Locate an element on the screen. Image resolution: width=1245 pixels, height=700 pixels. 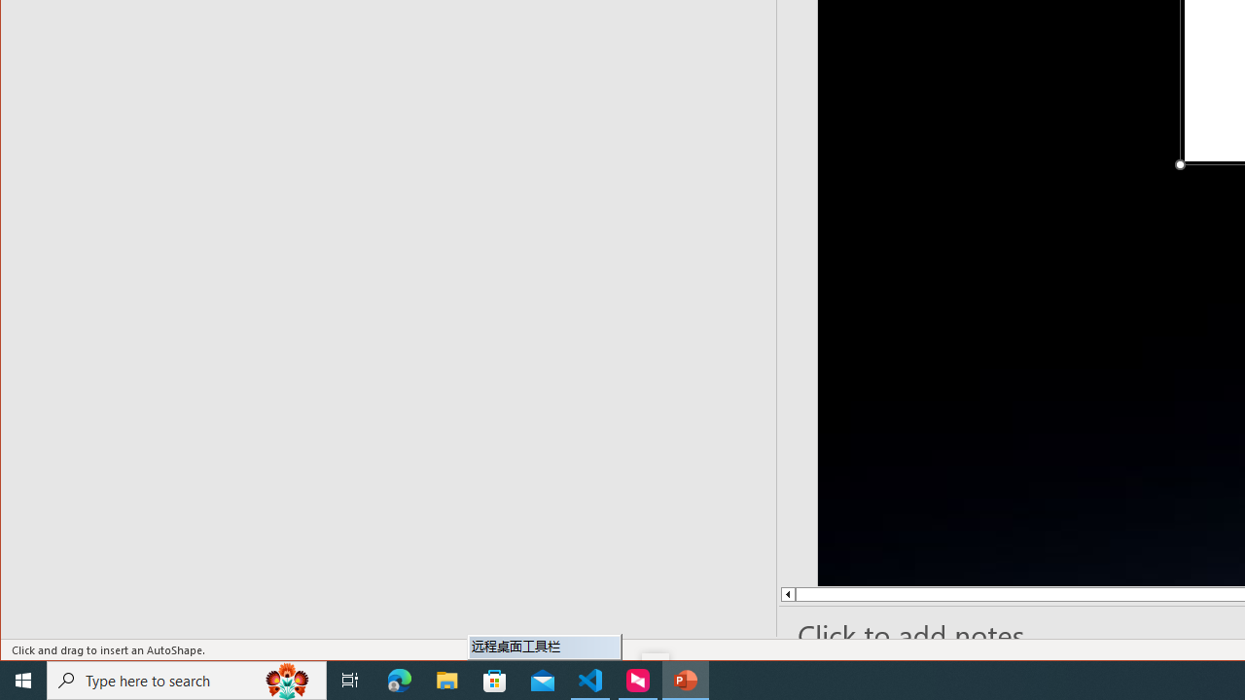
'File Explorer' is located at coordinates (446, 679).